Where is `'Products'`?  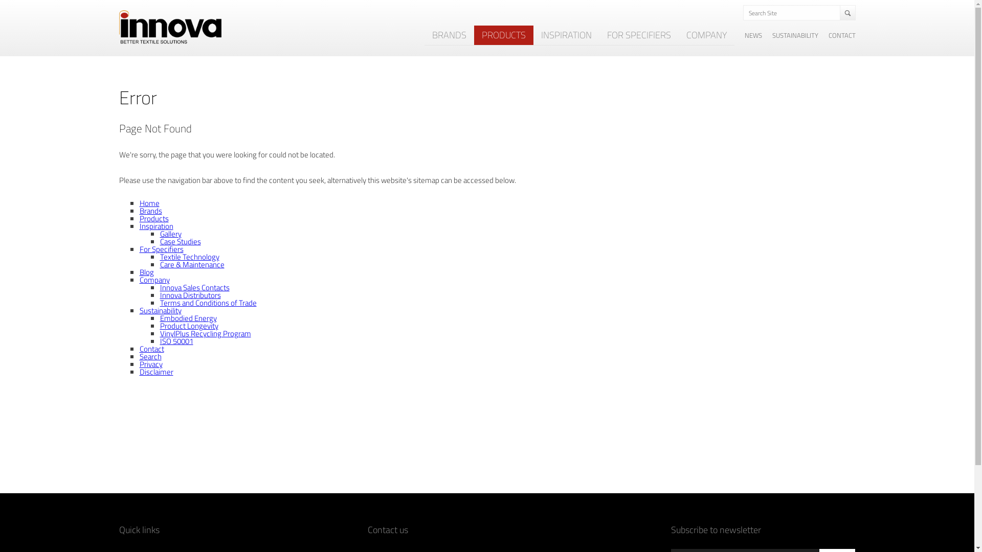
'Products' is located at coordinates (153, 218).